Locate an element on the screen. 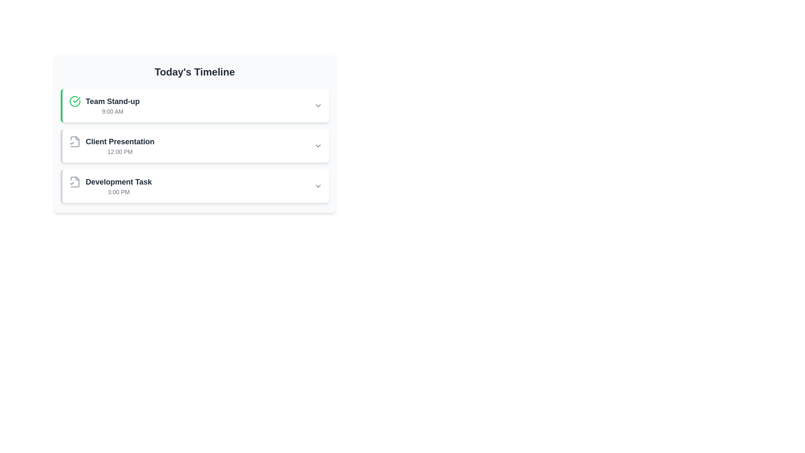  the 'Client Presentation' text label, which is the second entry in the timeline under 'Today's Timeline' is located at coordinates (119, 141).